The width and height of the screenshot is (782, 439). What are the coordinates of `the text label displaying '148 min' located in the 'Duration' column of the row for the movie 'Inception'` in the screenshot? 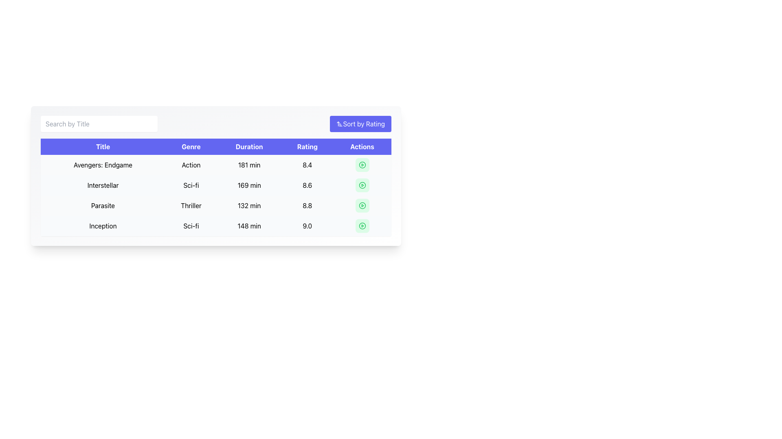 It's located at (249, 226).